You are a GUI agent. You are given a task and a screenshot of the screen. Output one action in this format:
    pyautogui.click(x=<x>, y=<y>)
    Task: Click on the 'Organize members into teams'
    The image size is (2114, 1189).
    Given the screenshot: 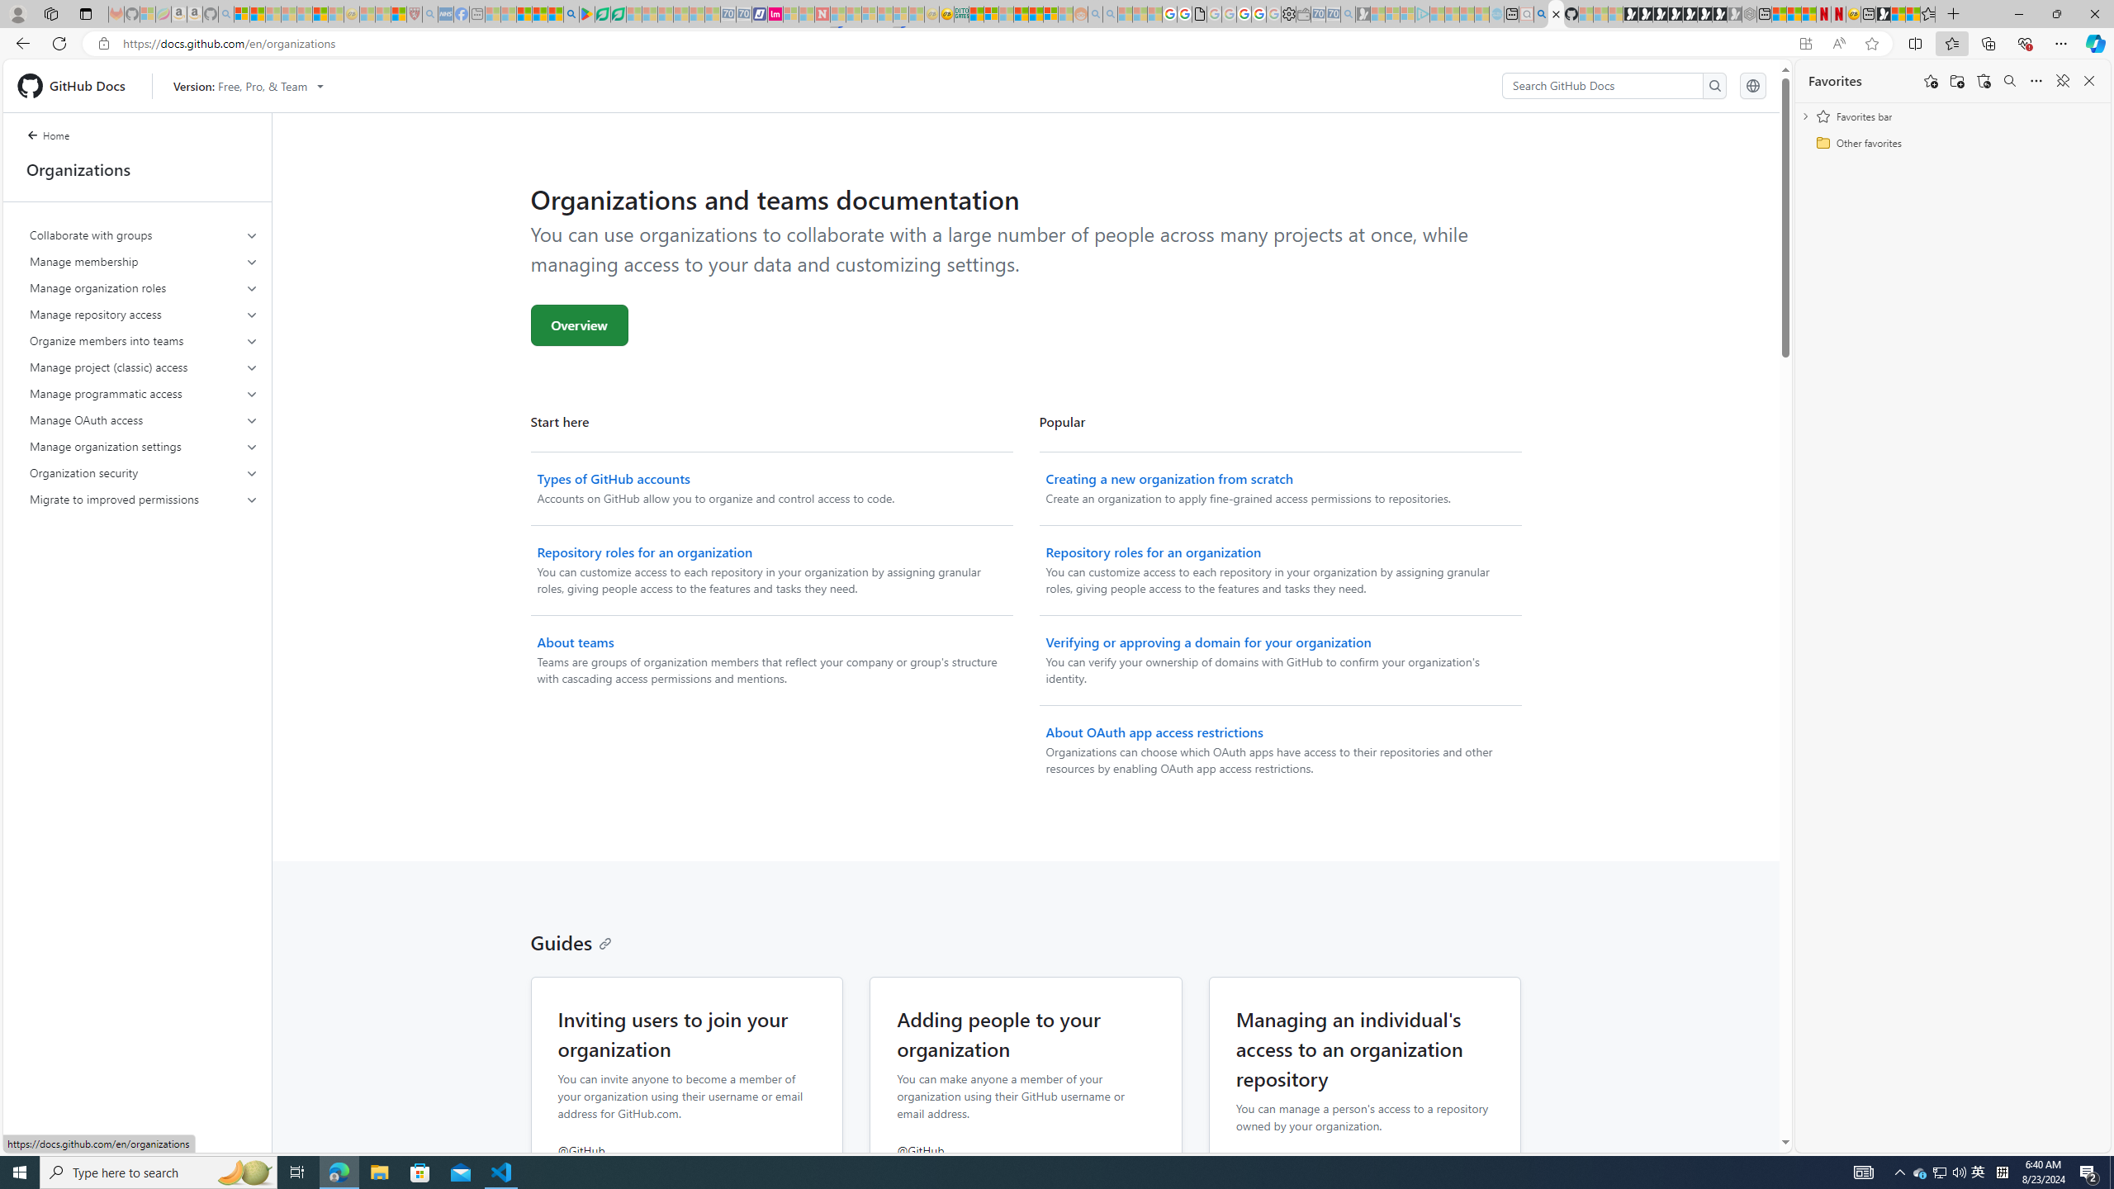 What is the action you would take?
    pyautogui.click(x=145, y=341)
    